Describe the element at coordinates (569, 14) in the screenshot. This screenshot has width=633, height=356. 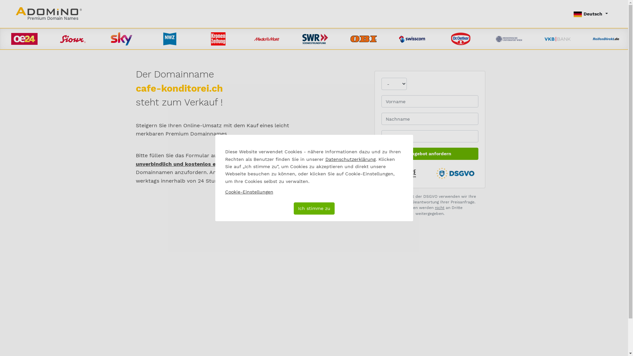
I see `'Deutsch'` at that location.